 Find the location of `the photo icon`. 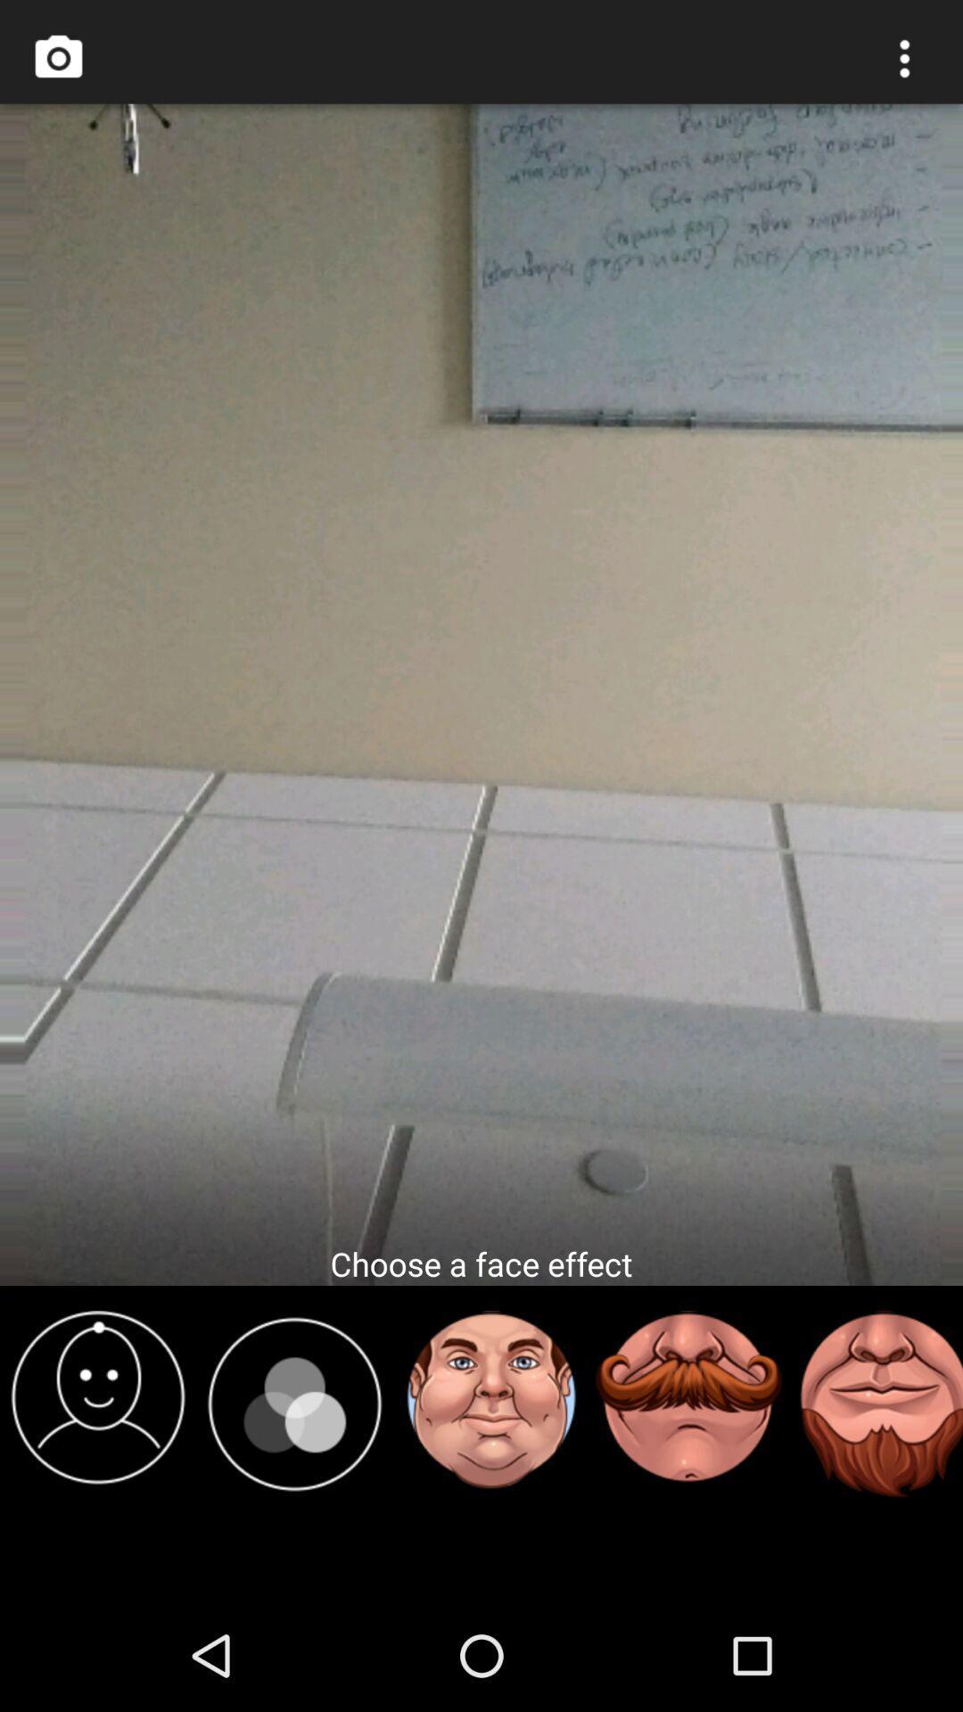

the photo icon is located at coordinates (57, 62).